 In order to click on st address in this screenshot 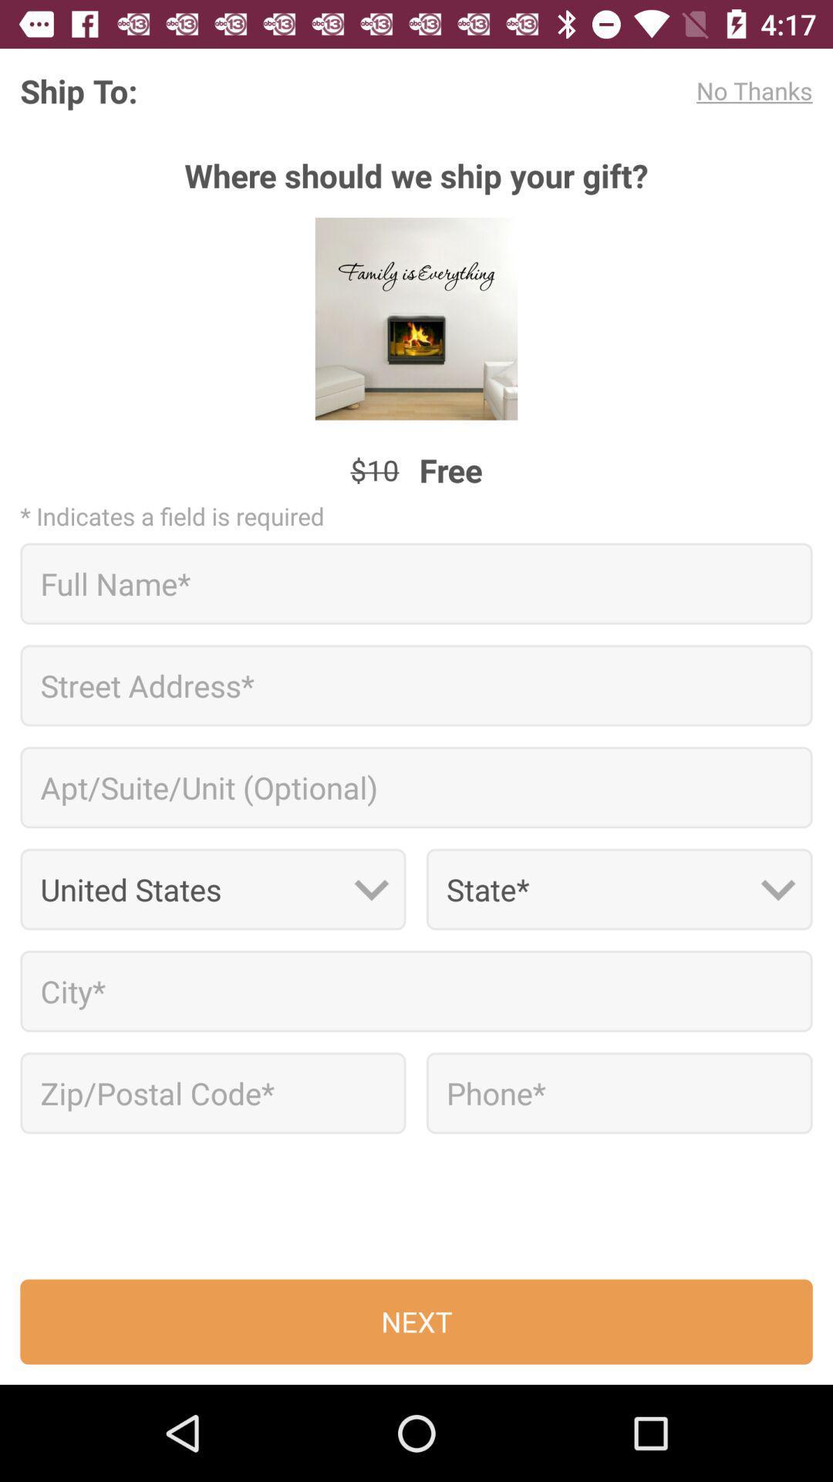, I will do `click(416, 685)`.